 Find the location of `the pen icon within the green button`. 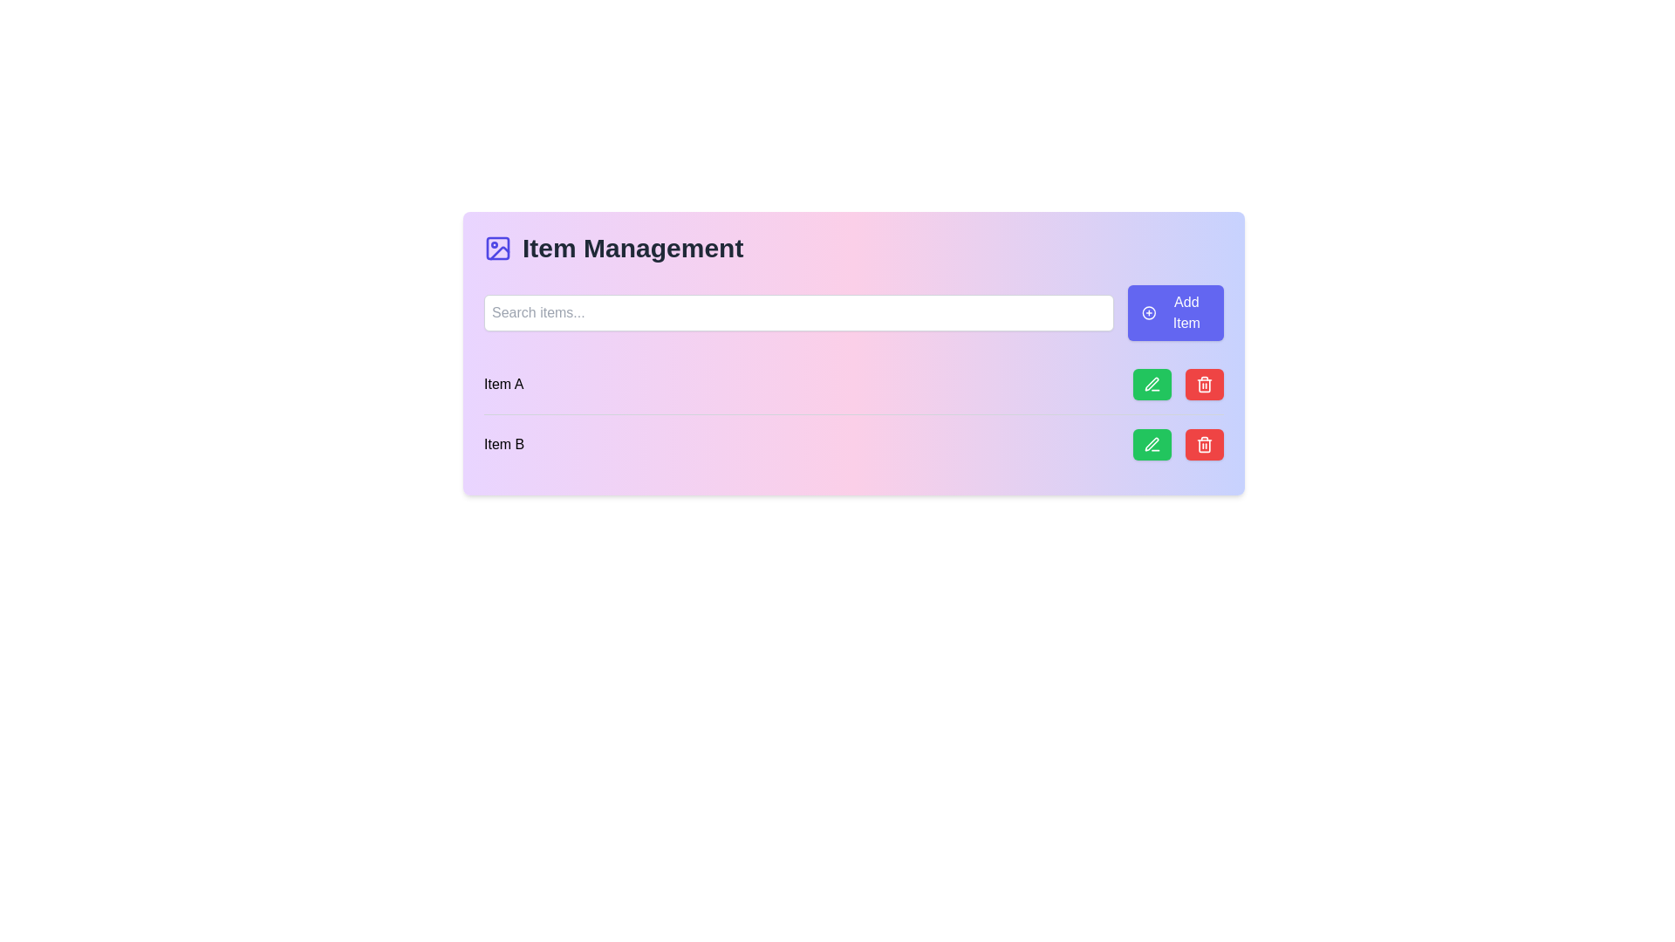

the pen icon within the green button is located at coordinates (1152, 443).